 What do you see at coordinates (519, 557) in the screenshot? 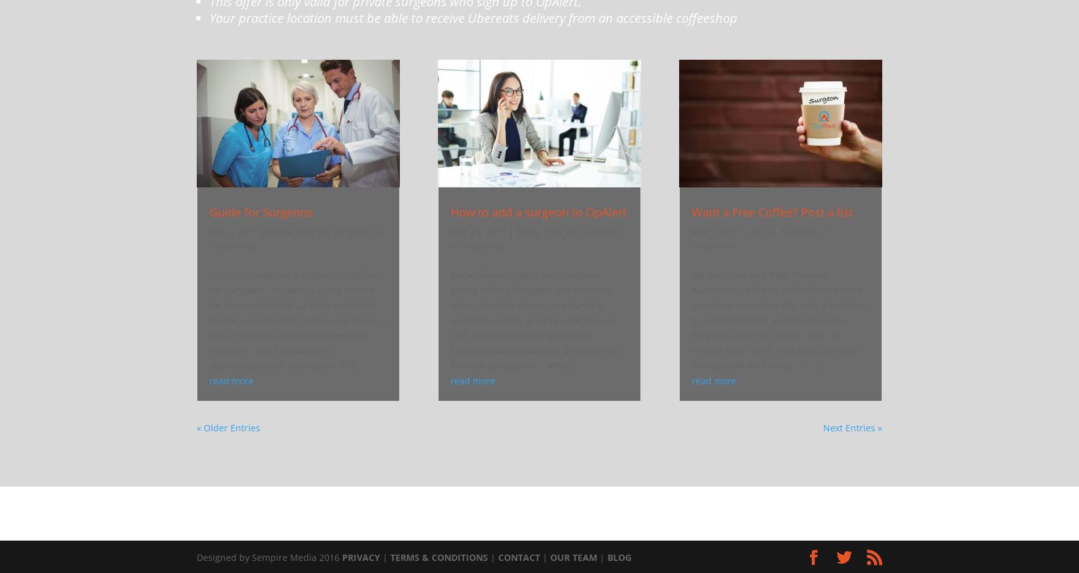
I see `'CONTACT'` at bounding box center [519, 557].